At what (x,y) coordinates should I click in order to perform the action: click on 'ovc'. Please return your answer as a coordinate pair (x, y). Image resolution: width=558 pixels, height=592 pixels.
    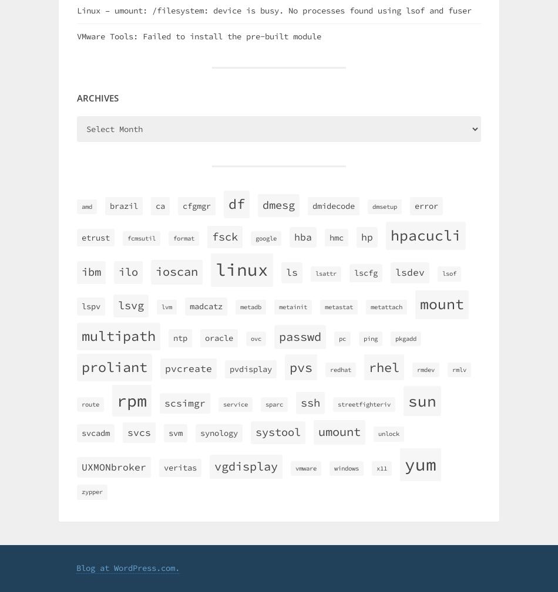
    Looking at the image, I should click on (250, 338).